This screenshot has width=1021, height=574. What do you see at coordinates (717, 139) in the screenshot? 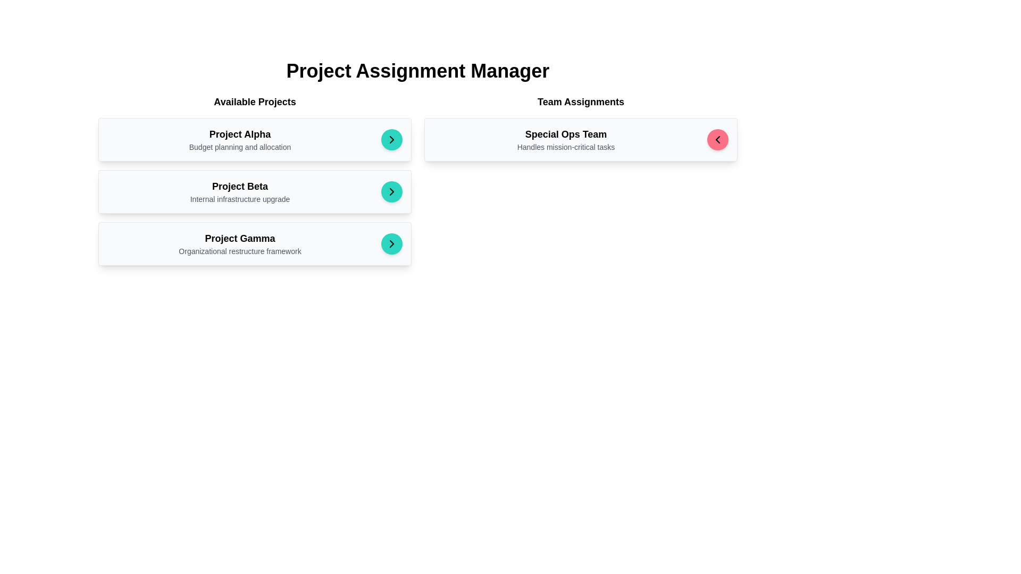
I see `the navigation back button, which is a black left-pointing chevron icon centered within a solid pink circular button, located in the top-right corner of the 'Team Assignments' card` at bounding box center [717, 139].